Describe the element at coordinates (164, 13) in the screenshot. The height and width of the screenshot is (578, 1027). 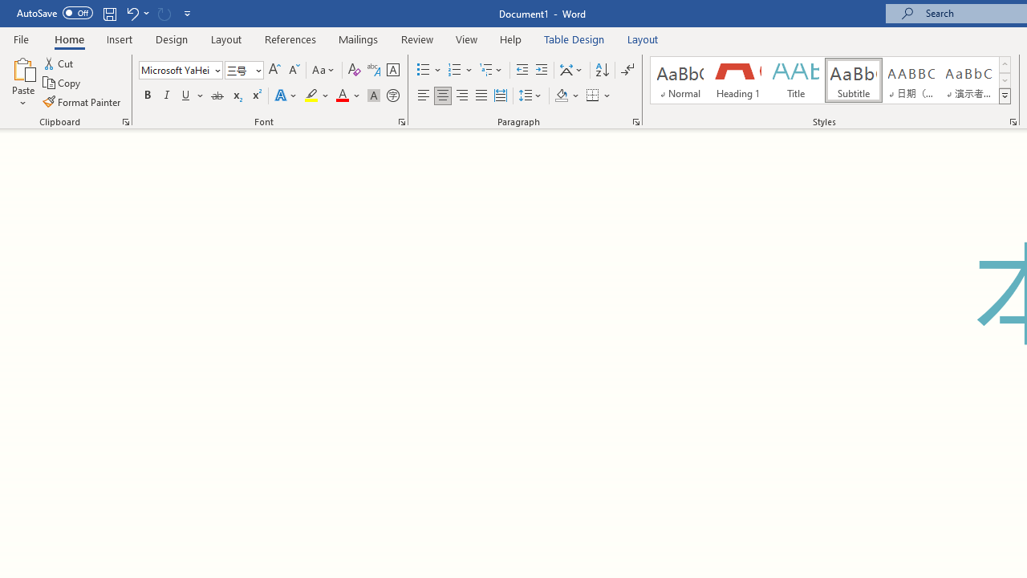
I see `'Can'` at that location.